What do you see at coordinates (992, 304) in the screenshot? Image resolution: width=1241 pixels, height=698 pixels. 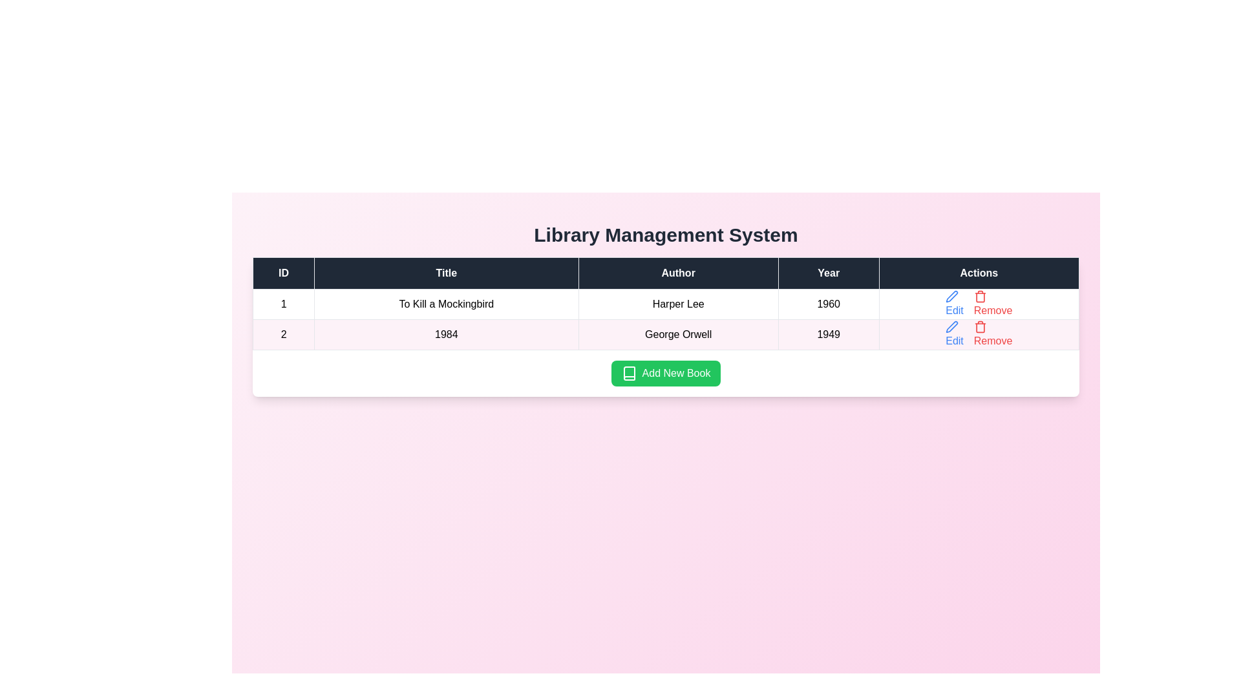 I see `the delete button for the book 'To Kill a Mockingbird' located` at bounding box center [992, 304].